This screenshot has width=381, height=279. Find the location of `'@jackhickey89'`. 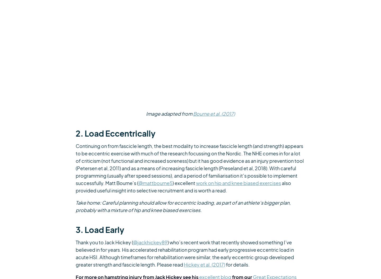

'@jackhickey89' is located at coordinates (150, 242).